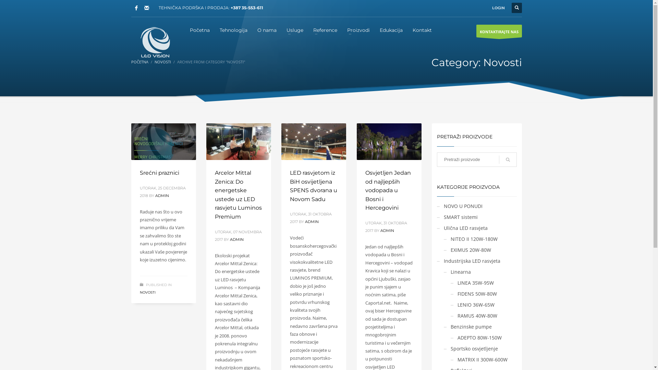 This screenshot has width=658, height=370. What do you see at coordinates (451, 359) in the screenshot?
I see `'MATRIX II 300W-600W'` at bounding box center [451, 359].